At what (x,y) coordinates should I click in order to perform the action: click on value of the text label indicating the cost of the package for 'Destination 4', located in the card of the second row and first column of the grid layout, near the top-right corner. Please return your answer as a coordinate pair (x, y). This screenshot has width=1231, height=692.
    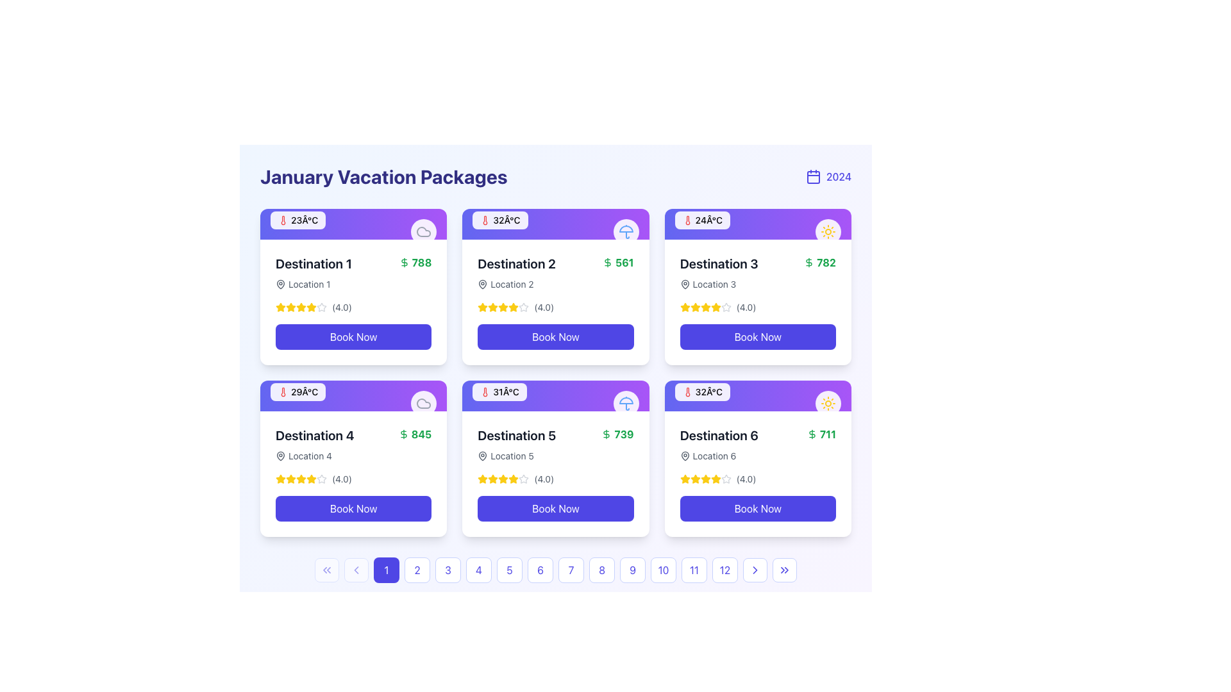
    Looking at the image, I should click on (415, 434).